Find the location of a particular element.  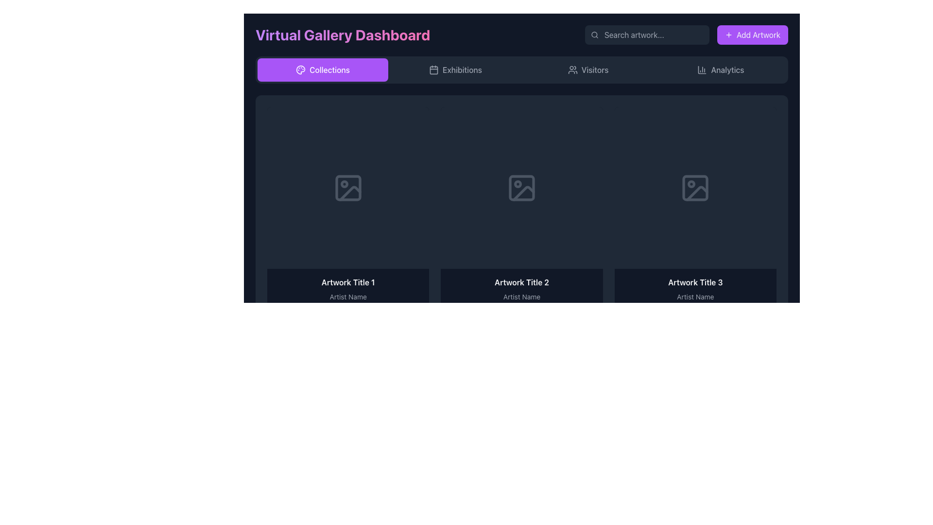

image placeholder icon depicting a frame with a circle and a diagonal line inside, which is the second icon in the middle row above 'Artwork Title 2' is located at coordinates (521, 188).